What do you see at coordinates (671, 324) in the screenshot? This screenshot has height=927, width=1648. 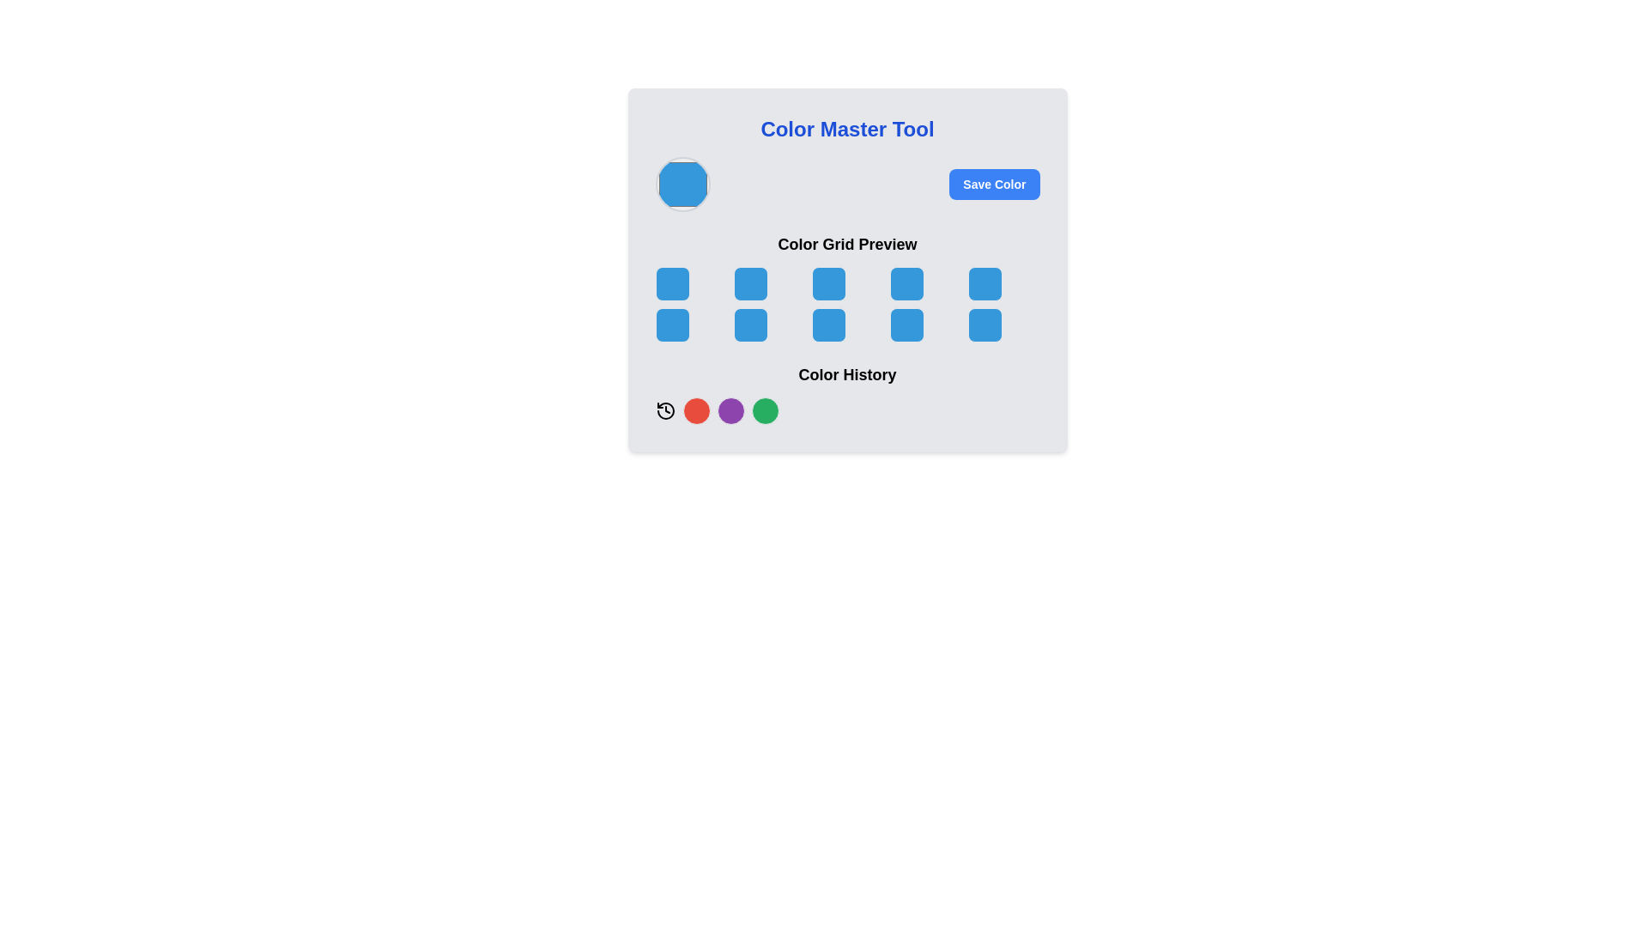 I see `the first Grid Item in the second row of the Color Grid Preview, which allows users to interact with or preview color options` at bounding box center [671, 324].